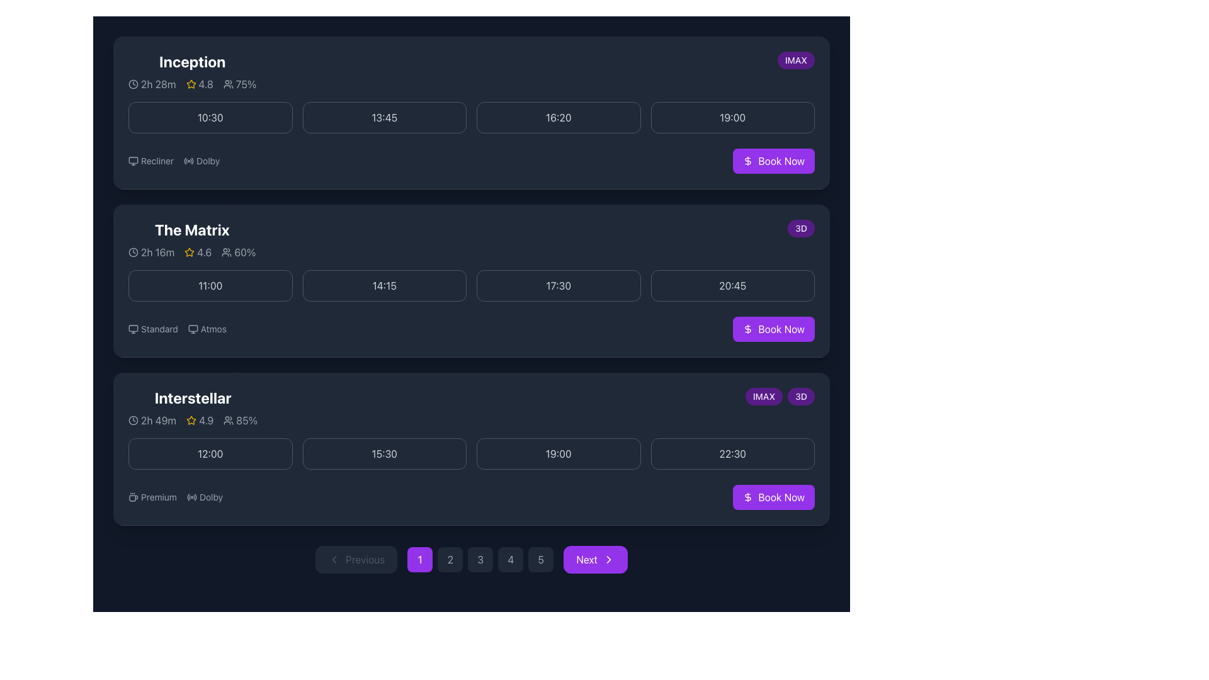 The image size is (1209, 680). I want to click on the button displaying '11:00' in bold white font with rounded corners, so click(210, 286).